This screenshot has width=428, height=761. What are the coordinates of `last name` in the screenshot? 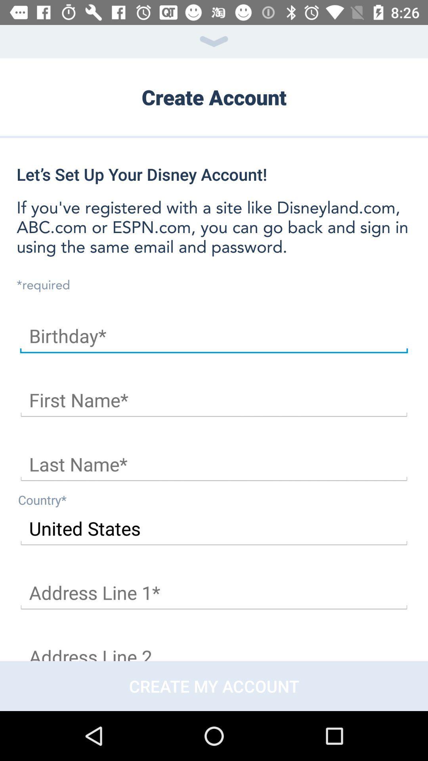 It's located at (214, 465).